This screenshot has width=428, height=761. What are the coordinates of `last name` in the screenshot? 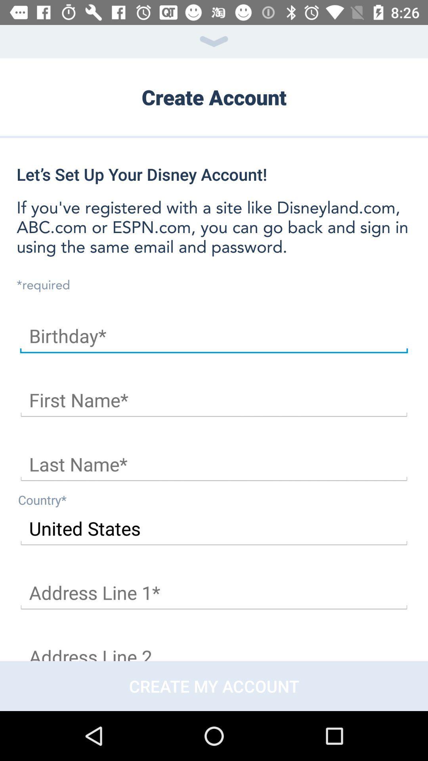 It's located at (214, 465).